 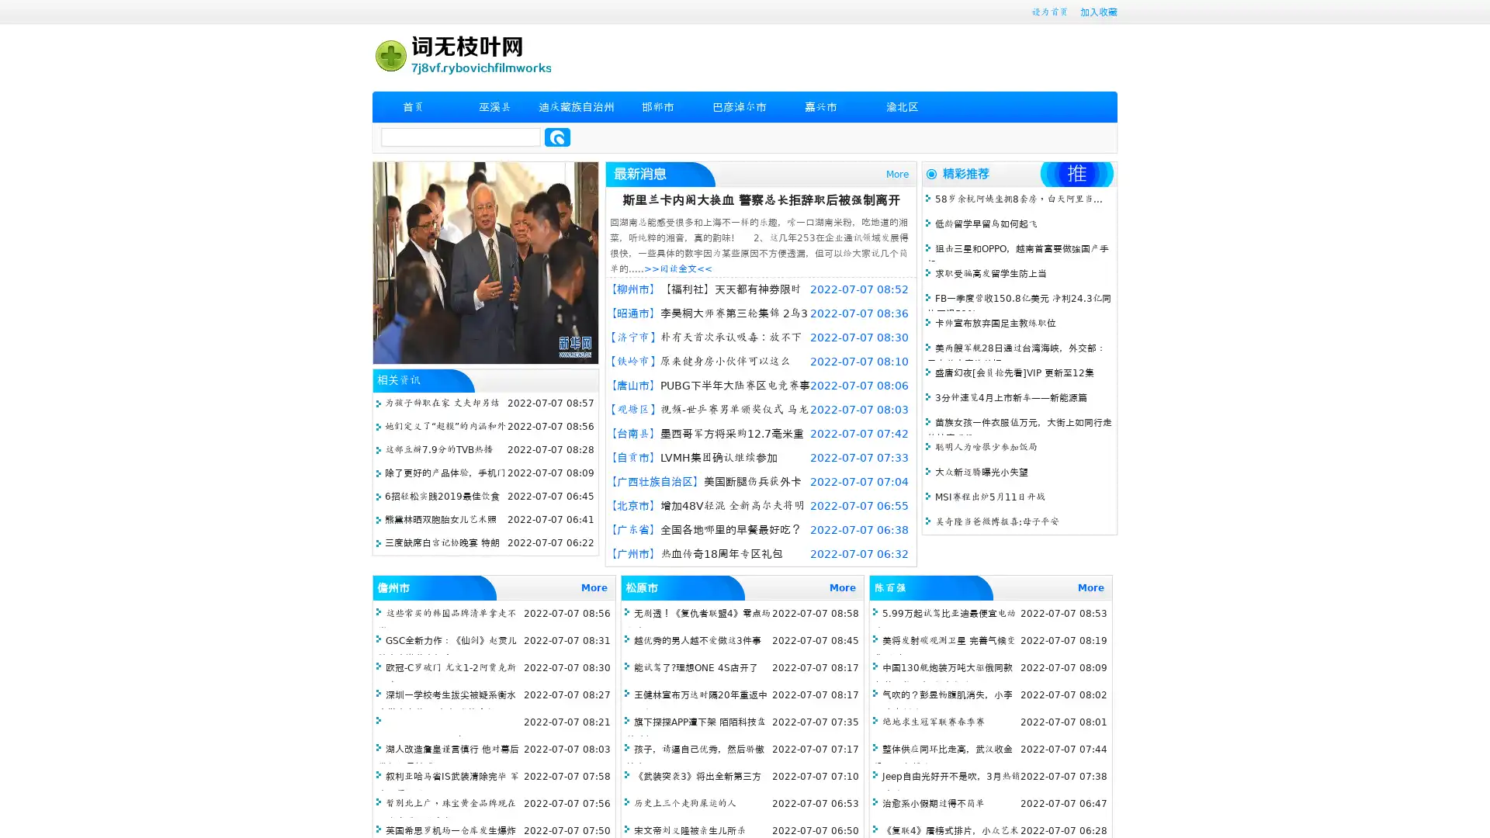 What do you see at coordinates (557, 137) in the screenshot?
I see `Search` at bounding box center [557, 137].